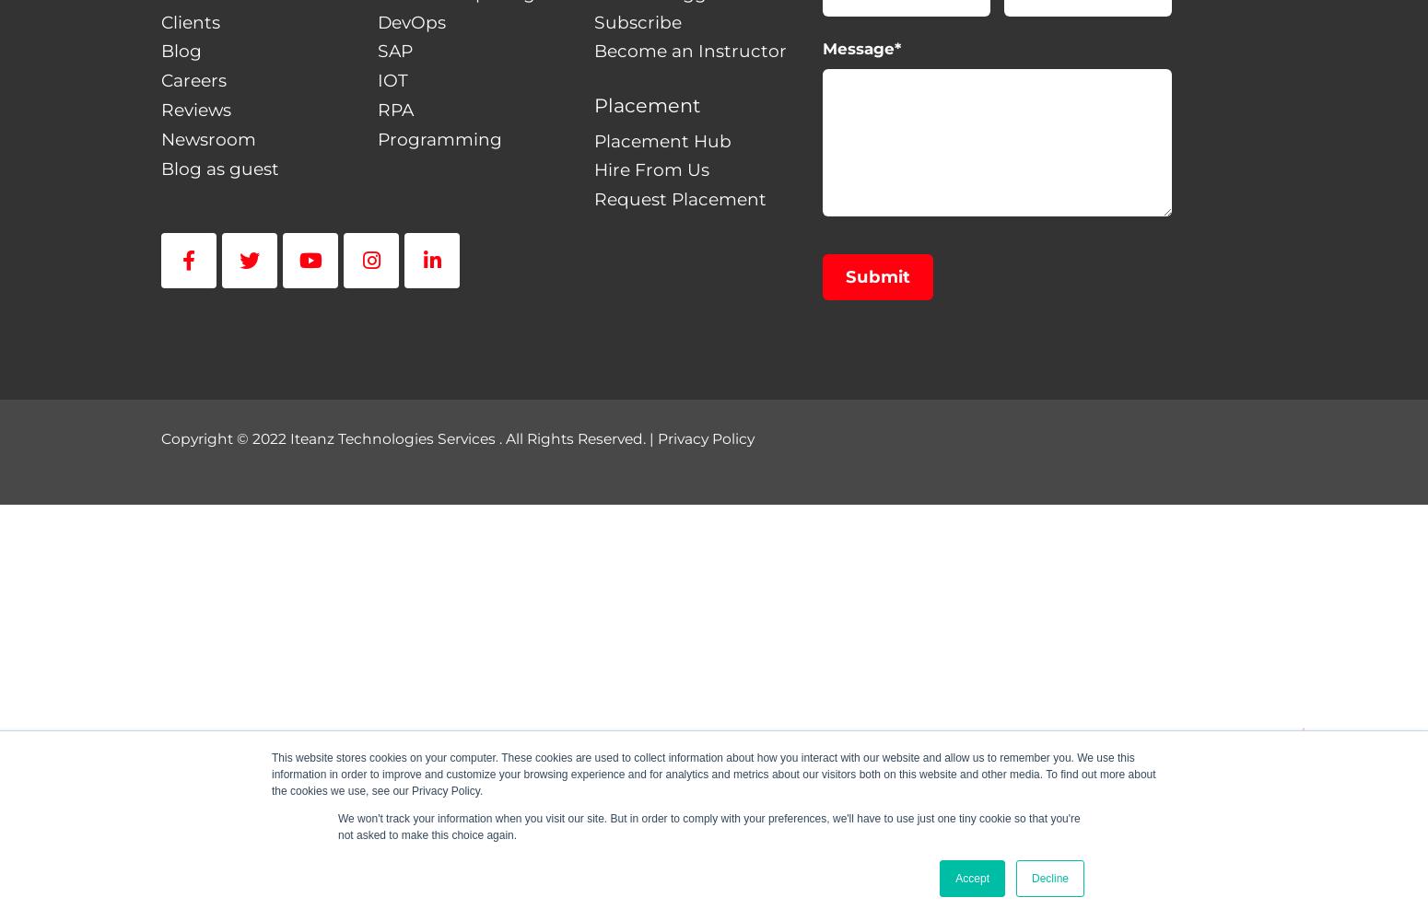 Image resolution: width=1428 pixels, height=921 pixels. I want to click on '*', so click(895, 48).